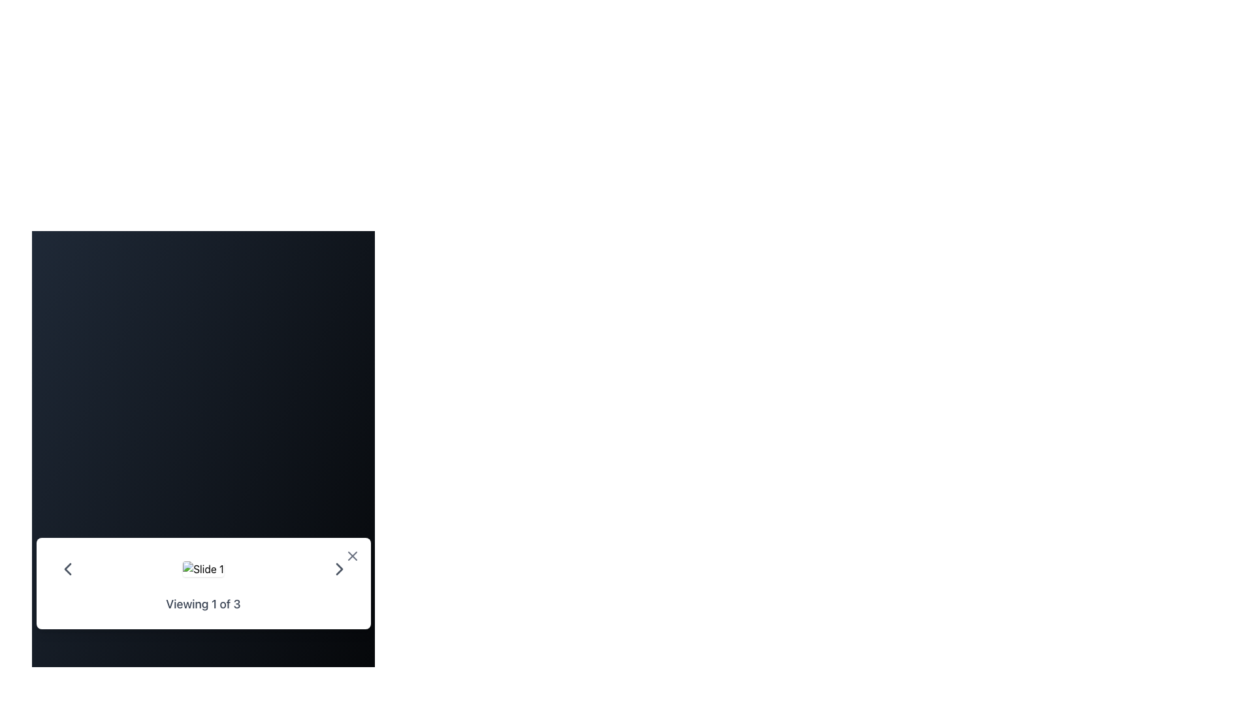  Describe the element at coordinates (67, 568) in the screenshot. I see `the left-facing chevron icon button located at the far-left side of the navigation bar` at that location.